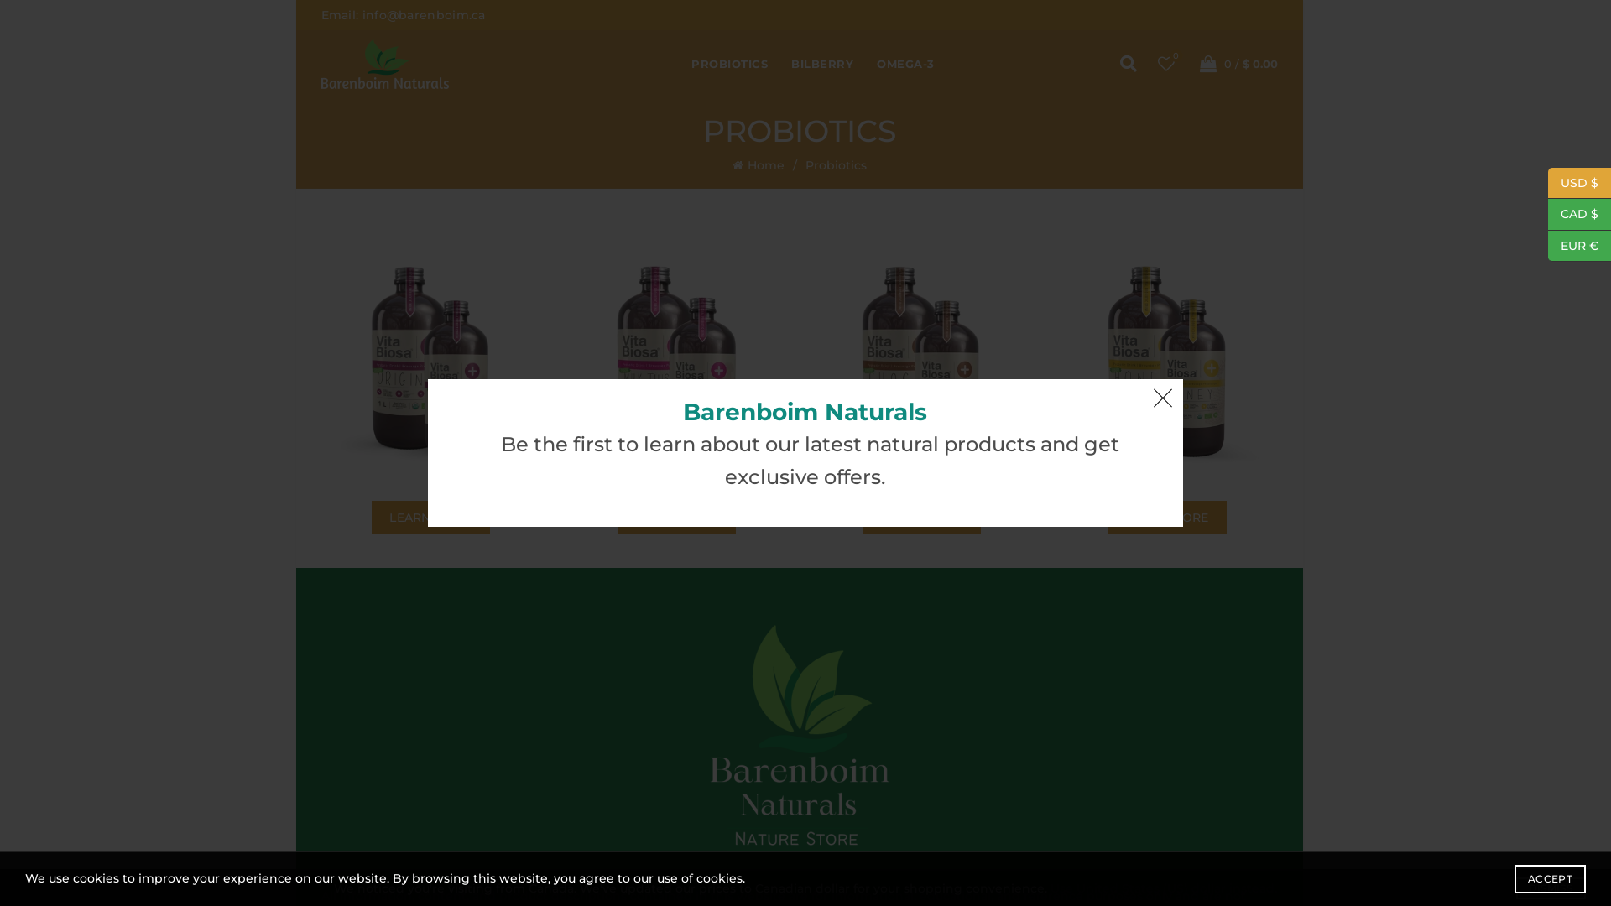  Describe the element at coordinates (1166, 361) in the screenshot. I see `'Vita Biosa_Honey reduc'` at that location.